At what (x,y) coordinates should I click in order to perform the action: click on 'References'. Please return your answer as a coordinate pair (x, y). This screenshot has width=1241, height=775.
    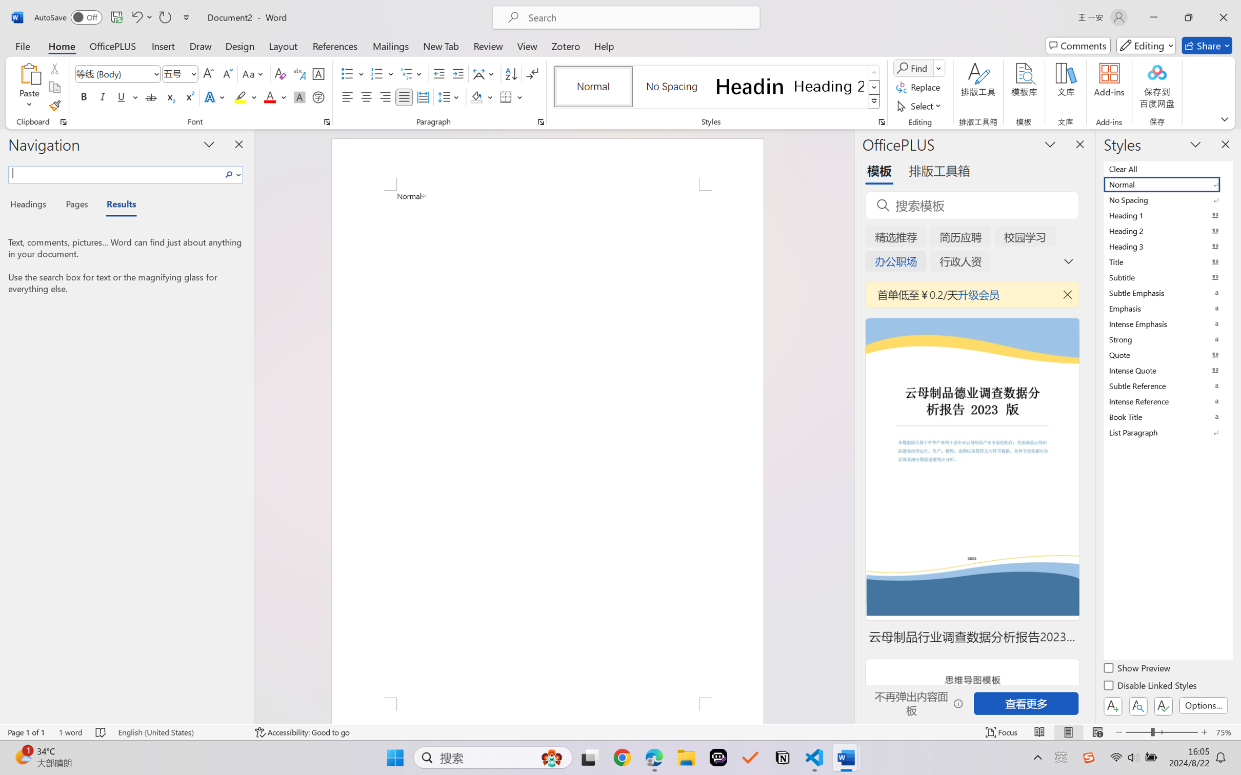
    Looking at the image, I should click on (335, 45).